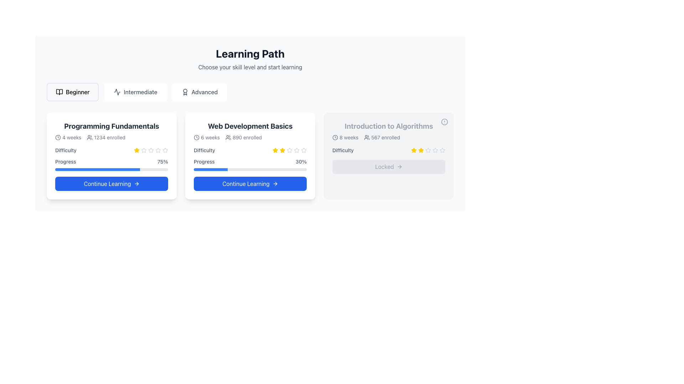  I want to click on the label displaying '1234 enrolled', which is positioned to the right of the user icon within the 'Programming Fundamentals' card, so click(109, 137).